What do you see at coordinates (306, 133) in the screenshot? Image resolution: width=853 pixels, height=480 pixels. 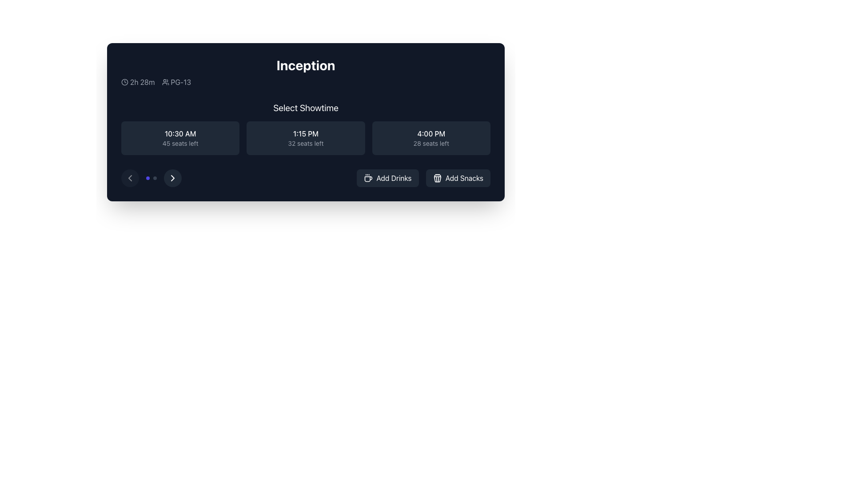 I see `time displayed as '1:15 PM' in the middle showtime panel, which is located above the text '32 seats left'` at bounding box center [306, 133].